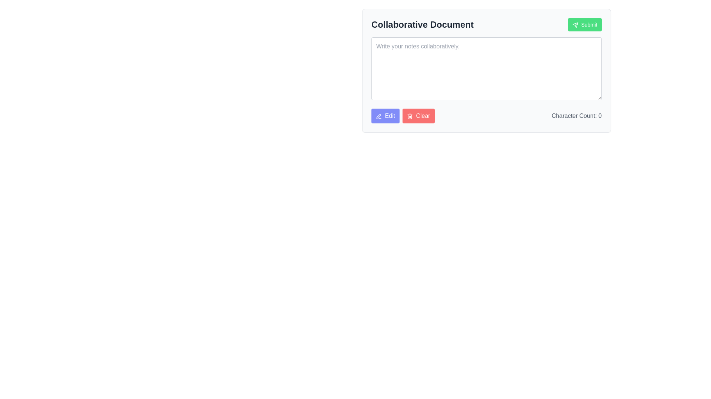  What do you see at coordinates (418, 116) in the screenshot?
I see `the 'Clear' button located in the 'Collaborative Document' widget, positioned below the text input area, as the second button from the left` at bounding box center [418, 116].